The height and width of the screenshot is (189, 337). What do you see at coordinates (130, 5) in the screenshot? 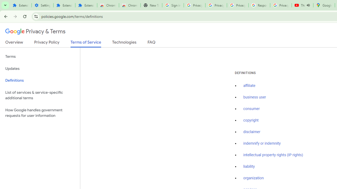
I see `'Chrome Web Store - Themes'` at bounding box center [130, 5].